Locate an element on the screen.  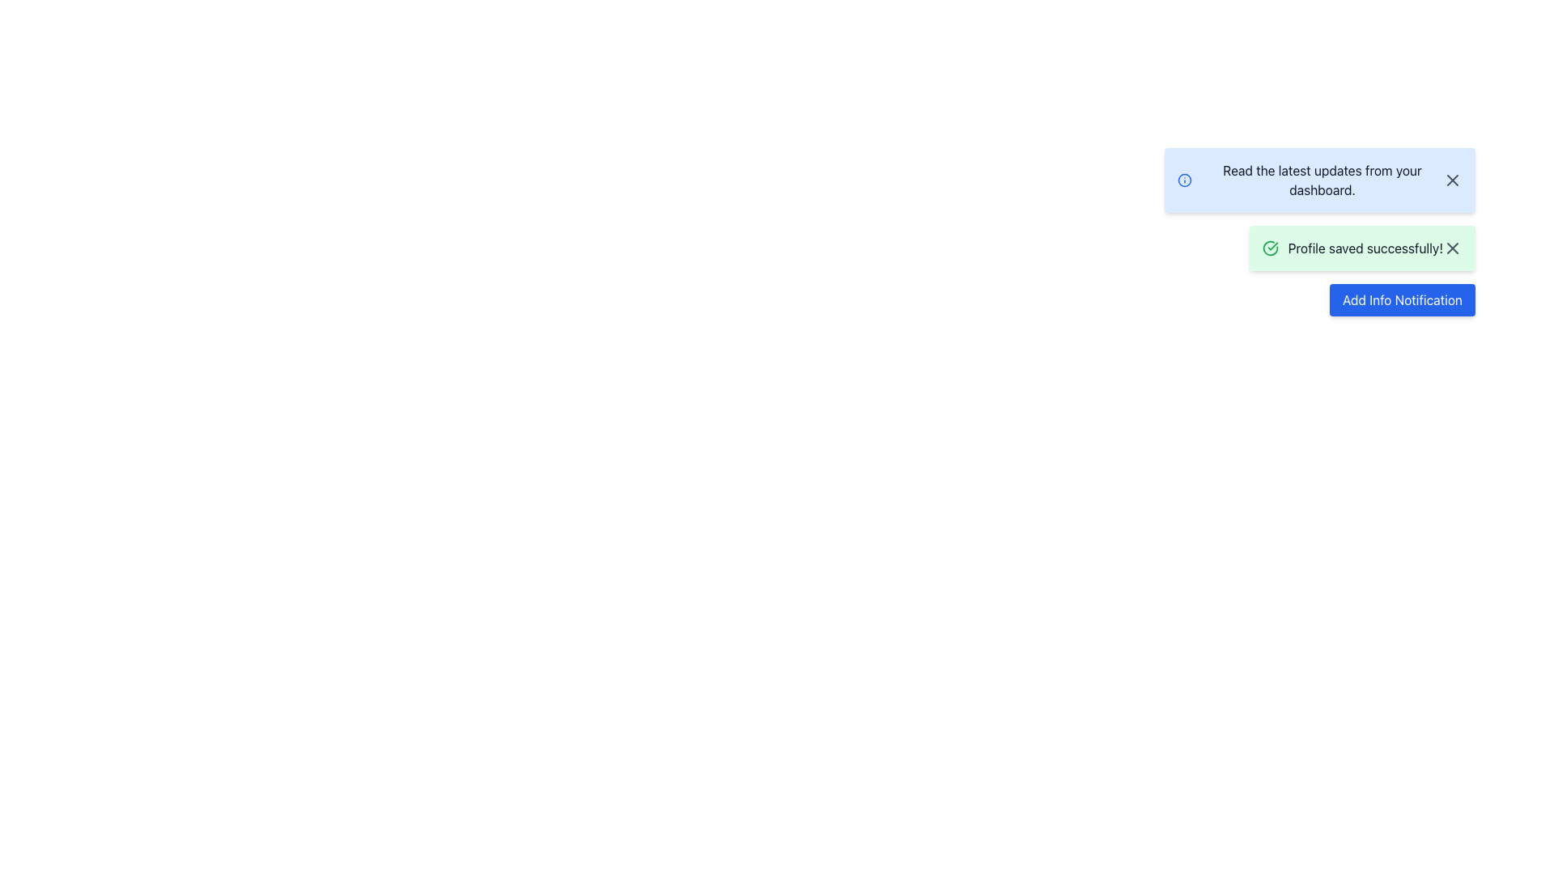
the Informational Text that indicates the successful saving of a profile, located to the right of a green circular icon and to the left of a close button within a green notification box is located at coordinates (1365, 248).